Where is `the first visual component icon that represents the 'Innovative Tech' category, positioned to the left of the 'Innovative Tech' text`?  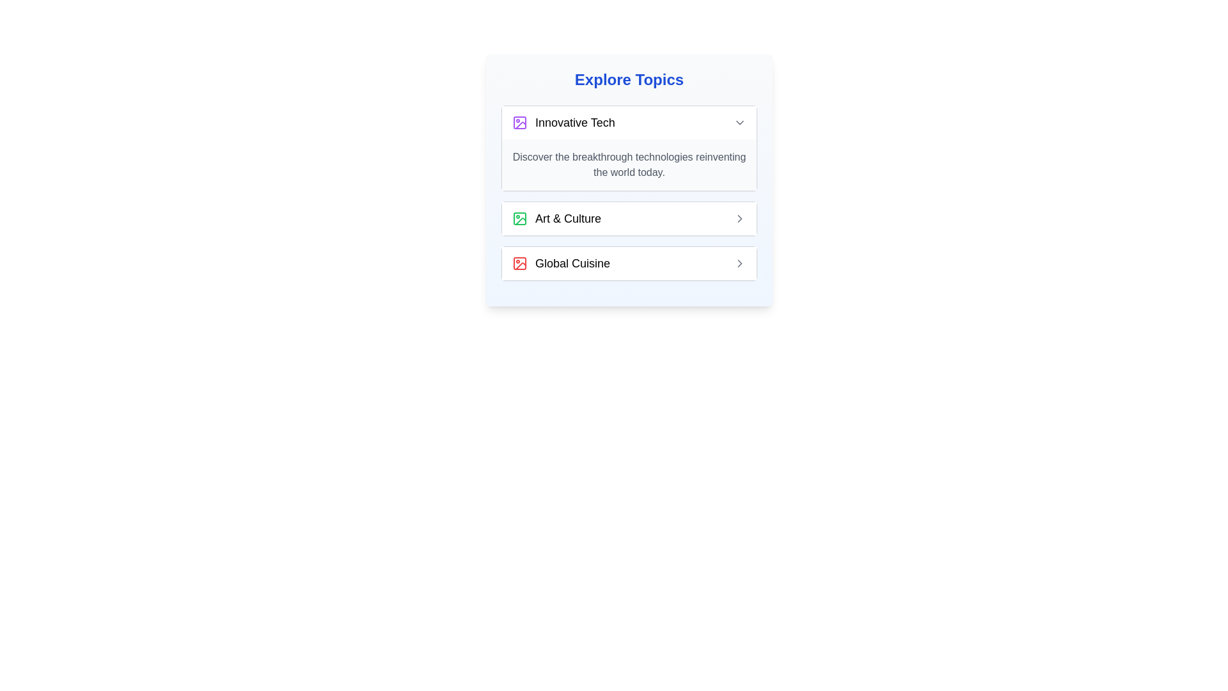
the first visual component icon that represents the 'Innovative Tech' category, positioned to the left of the 'Innovative Tech' text is located at coordinates (519, 123).